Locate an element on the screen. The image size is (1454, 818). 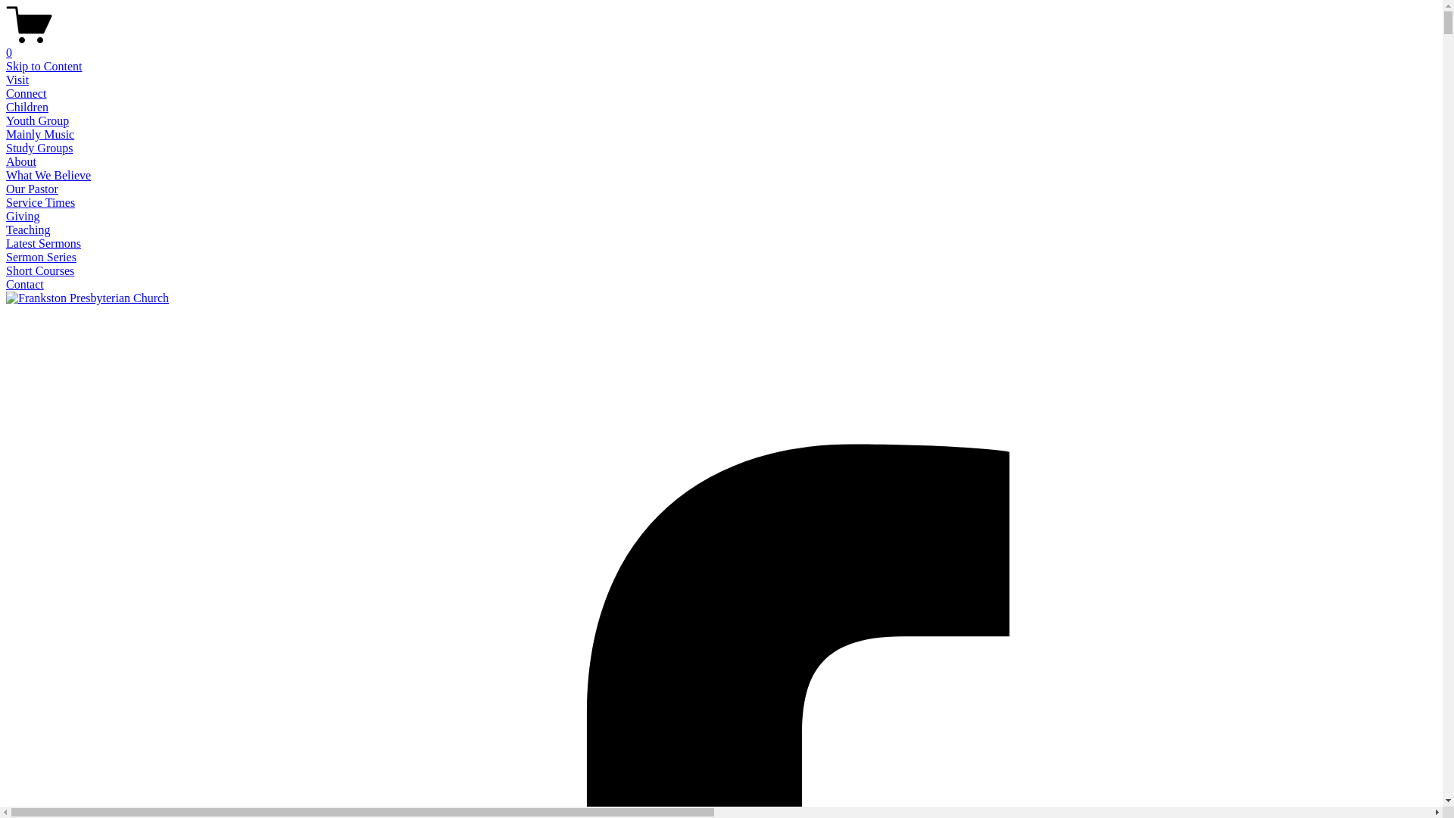
'Study Groups' is located at coordinates (39, 148).